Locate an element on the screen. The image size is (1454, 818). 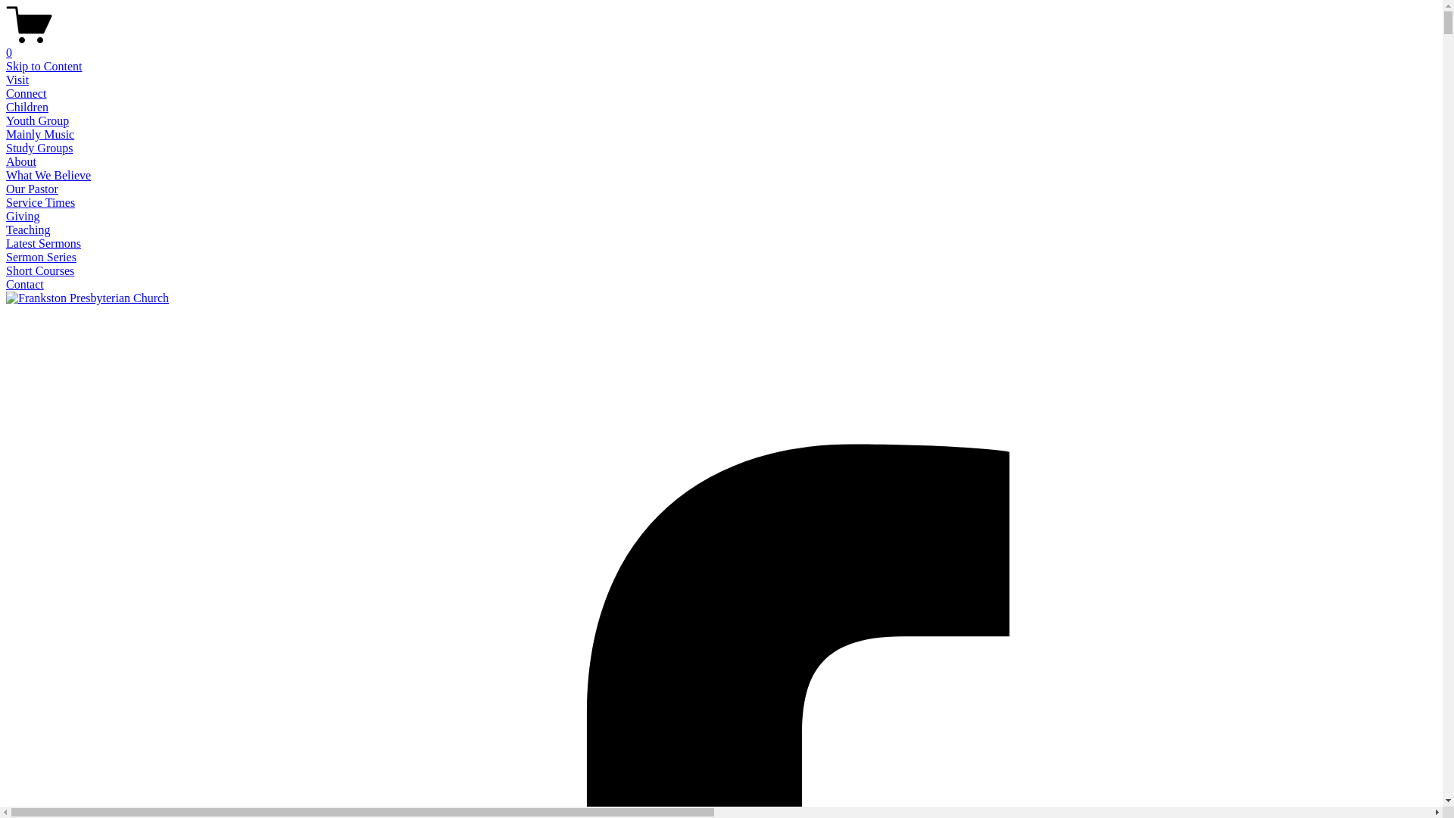
'Study Groups' is located at coordinates (39, 148).